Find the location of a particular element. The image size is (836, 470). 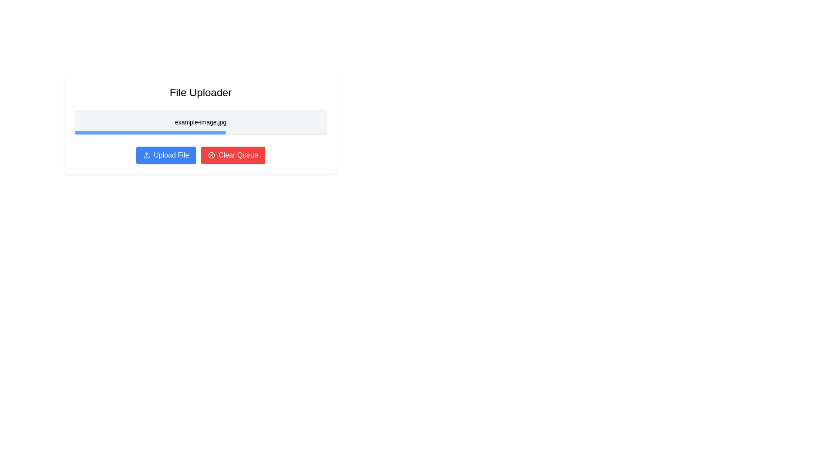

the button located to the right of the blue 'Upload File' button to clear the upload queue is located at coordinates (233, 155).